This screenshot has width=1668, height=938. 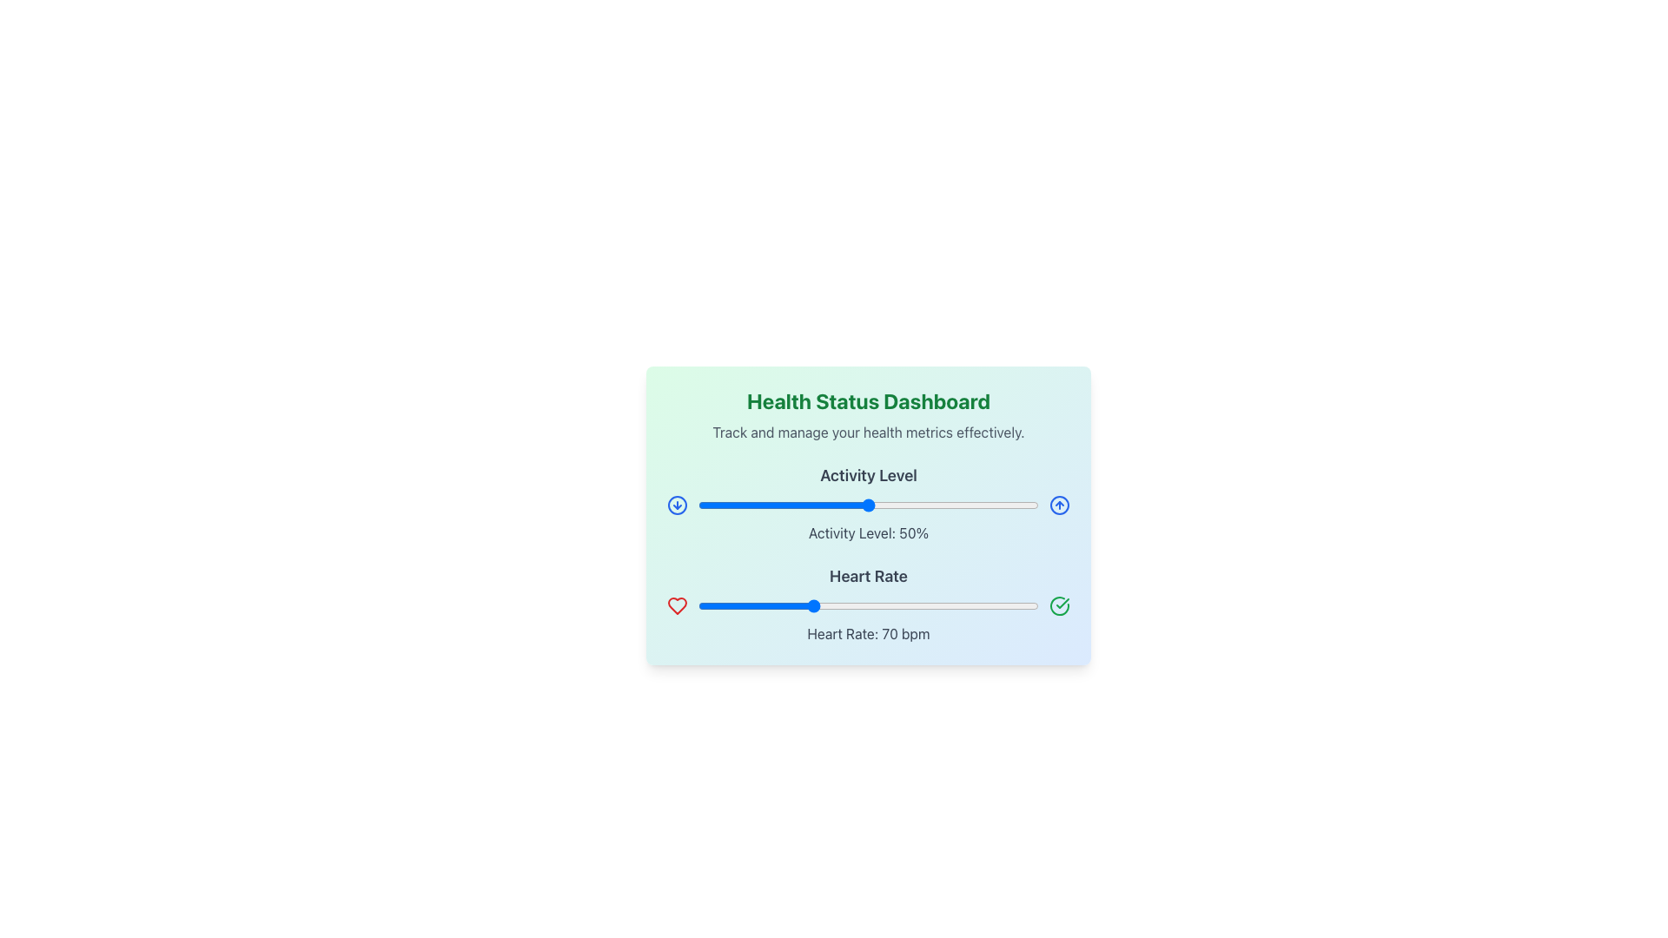 What do you see at coordinates (676, 505) in the screenshot?
I see `the SVG Circle with a blue border and white fill, which is located within the downward-pointing arrow icon on the far right side of the 'Activity Level' section` at bounding box center [676, 505].